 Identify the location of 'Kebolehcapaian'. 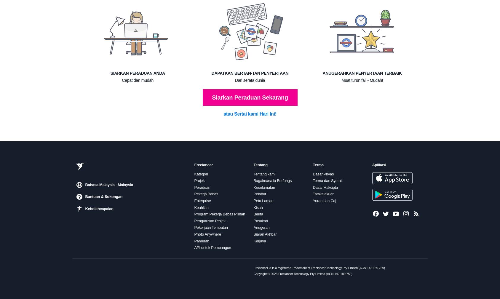
(99, 209).